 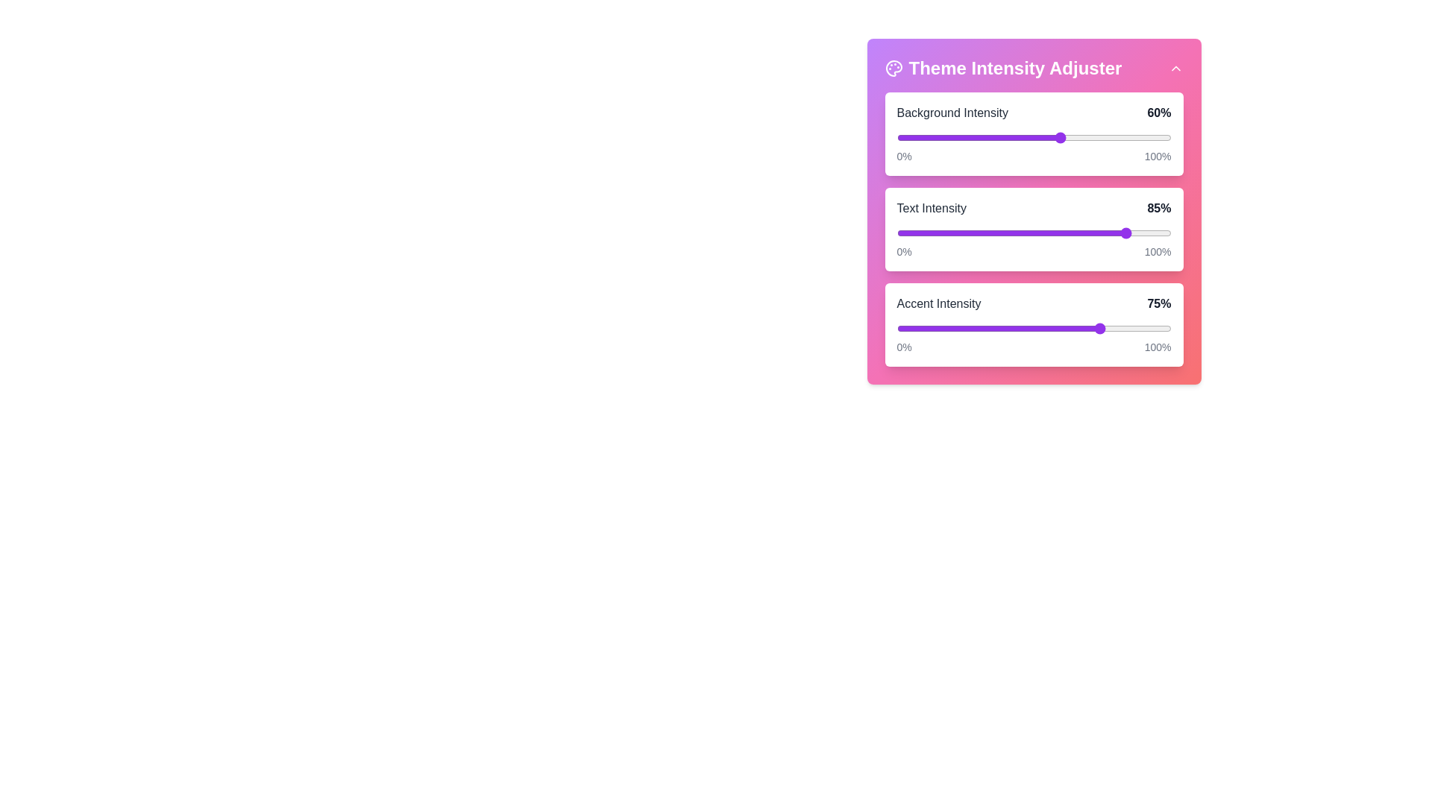 What do you see at coordinates (896, 327) in the screenshot?
I see `the accent intensity` at bounding box center [896, 327].